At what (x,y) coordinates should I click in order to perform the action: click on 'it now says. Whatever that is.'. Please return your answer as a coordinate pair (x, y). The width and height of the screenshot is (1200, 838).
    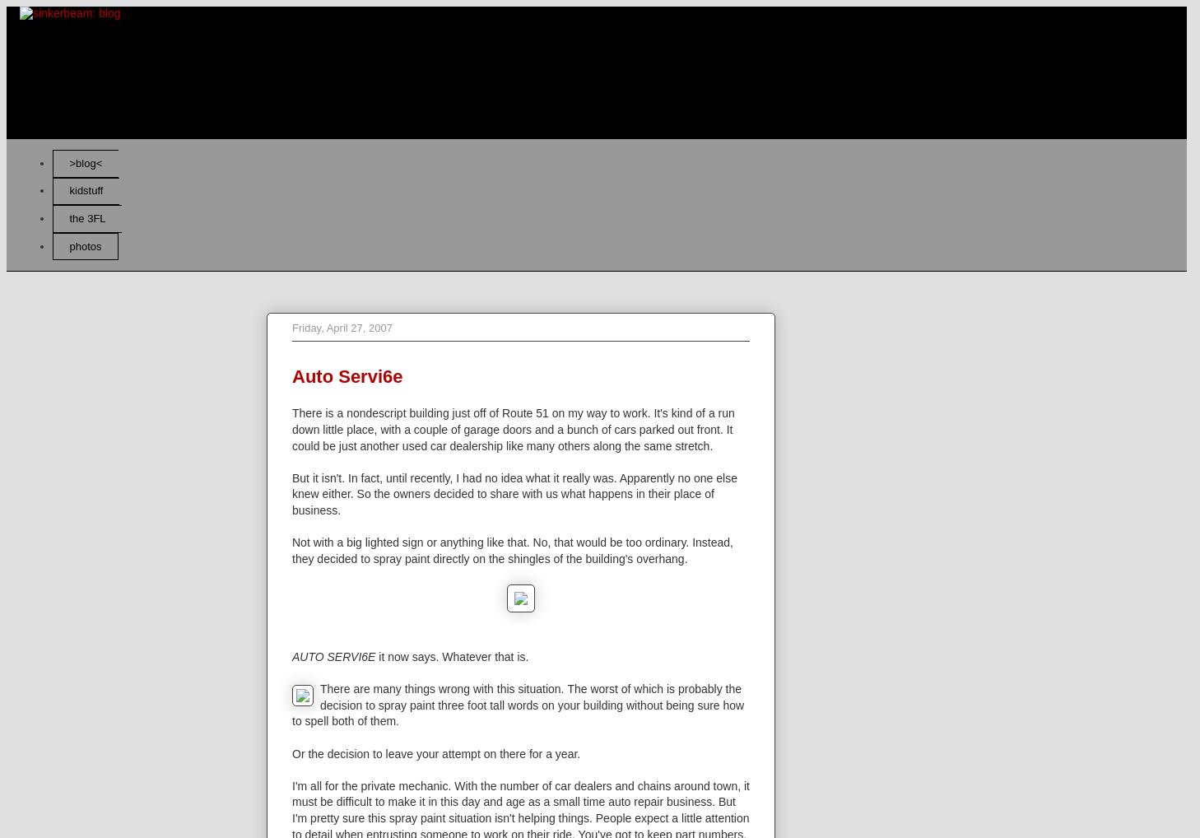
    Looking at the image, I should click on (451, 657).